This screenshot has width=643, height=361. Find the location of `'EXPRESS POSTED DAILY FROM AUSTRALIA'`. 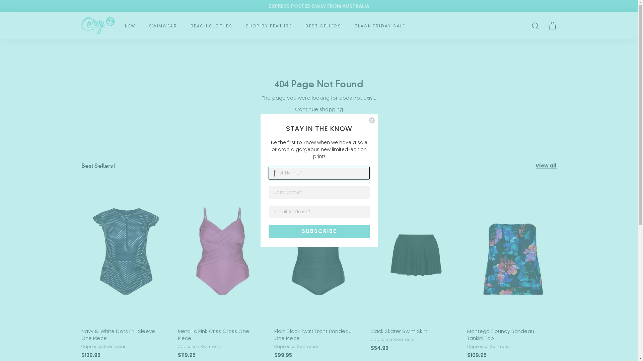

'EXPRESS POSTED DAILY FROM AUSTRALIA' is located at coordinates (318, 6).